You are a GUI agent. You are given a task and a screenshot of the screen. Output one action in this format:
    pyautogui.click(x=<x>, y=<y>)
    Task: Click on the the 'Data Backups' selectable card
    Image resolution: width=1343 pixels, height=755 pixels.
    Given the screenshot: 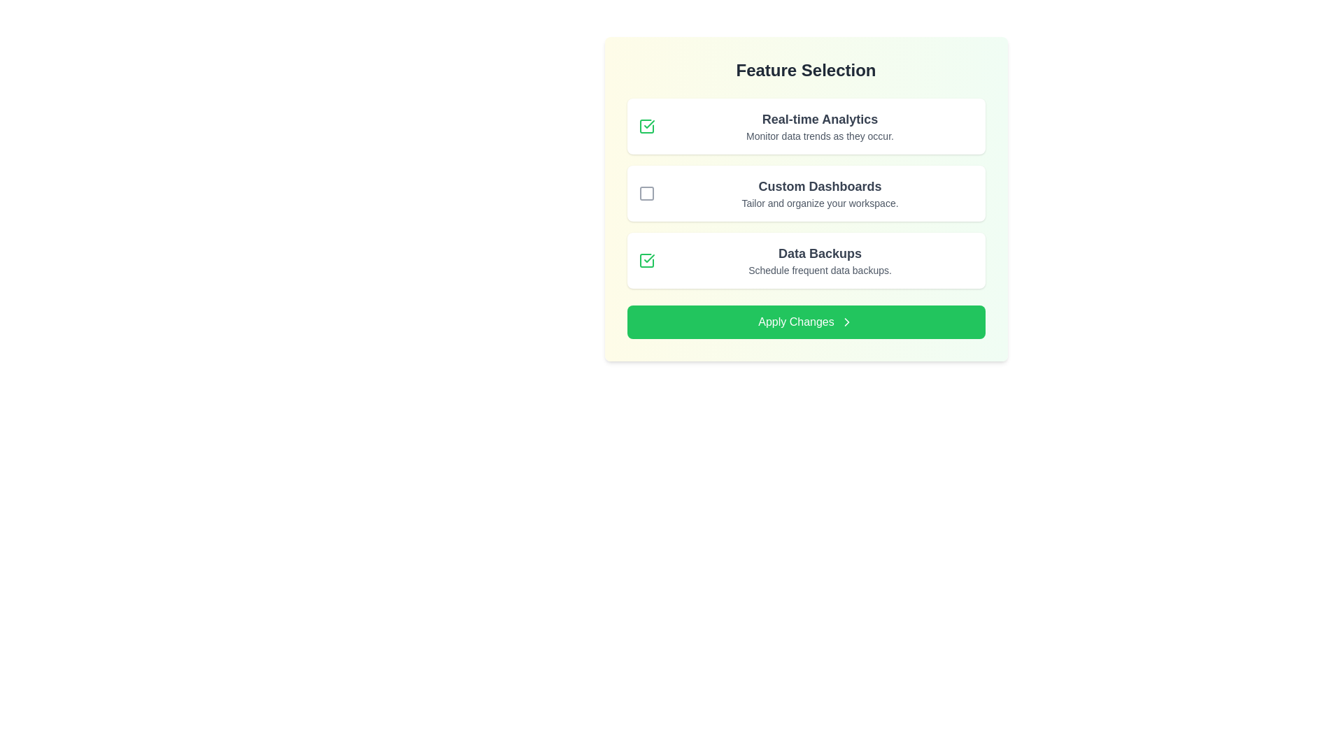 What is the action you would take?
    pyautogui.click(x=806, y=261)
    